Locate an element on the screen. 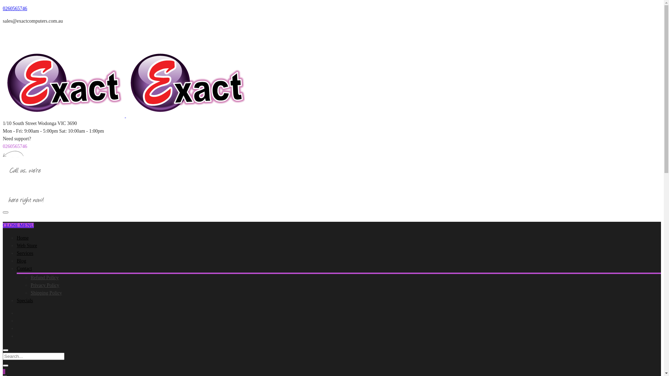 This screenshot has width=669, height=376. 'Blog' is located at coordinates (21, 261).